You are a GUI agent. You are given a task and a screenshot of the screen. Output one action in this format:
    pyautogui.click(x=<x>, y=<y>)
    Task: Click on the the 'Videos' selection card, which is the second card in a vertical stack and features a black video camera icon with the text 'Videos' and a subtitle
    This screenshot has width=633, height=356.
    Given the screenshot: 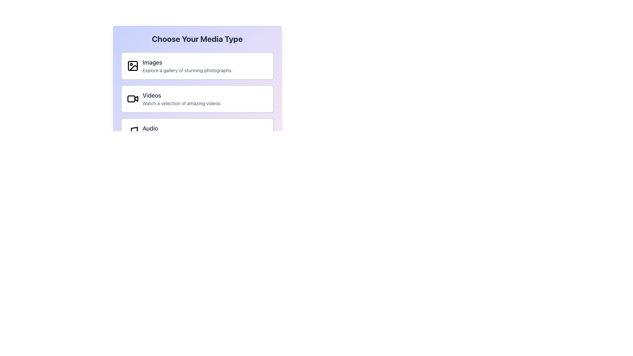 What is the action you would take?
    pyautogui.click(x=197, y=99)
    